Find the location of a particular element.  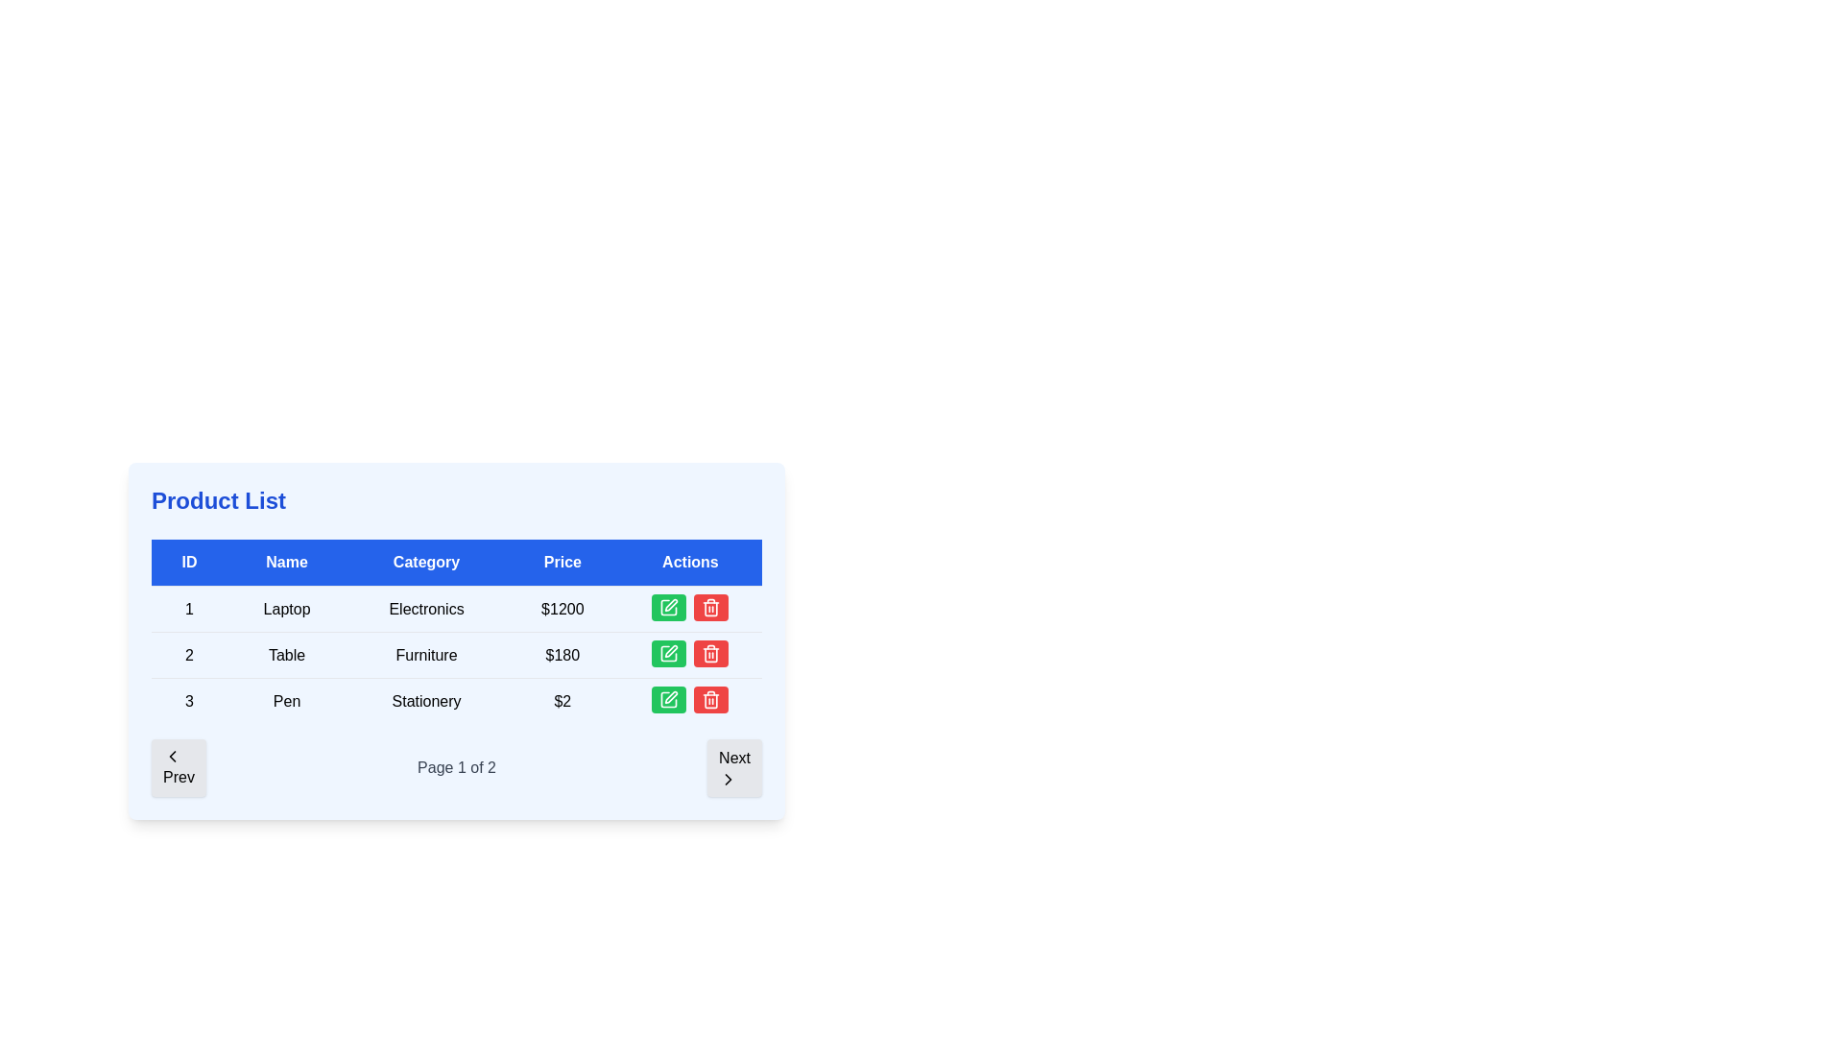

the 'edit' icon button located in the second row under the 'Actions' column of the table is located at coordinates (669, 653).